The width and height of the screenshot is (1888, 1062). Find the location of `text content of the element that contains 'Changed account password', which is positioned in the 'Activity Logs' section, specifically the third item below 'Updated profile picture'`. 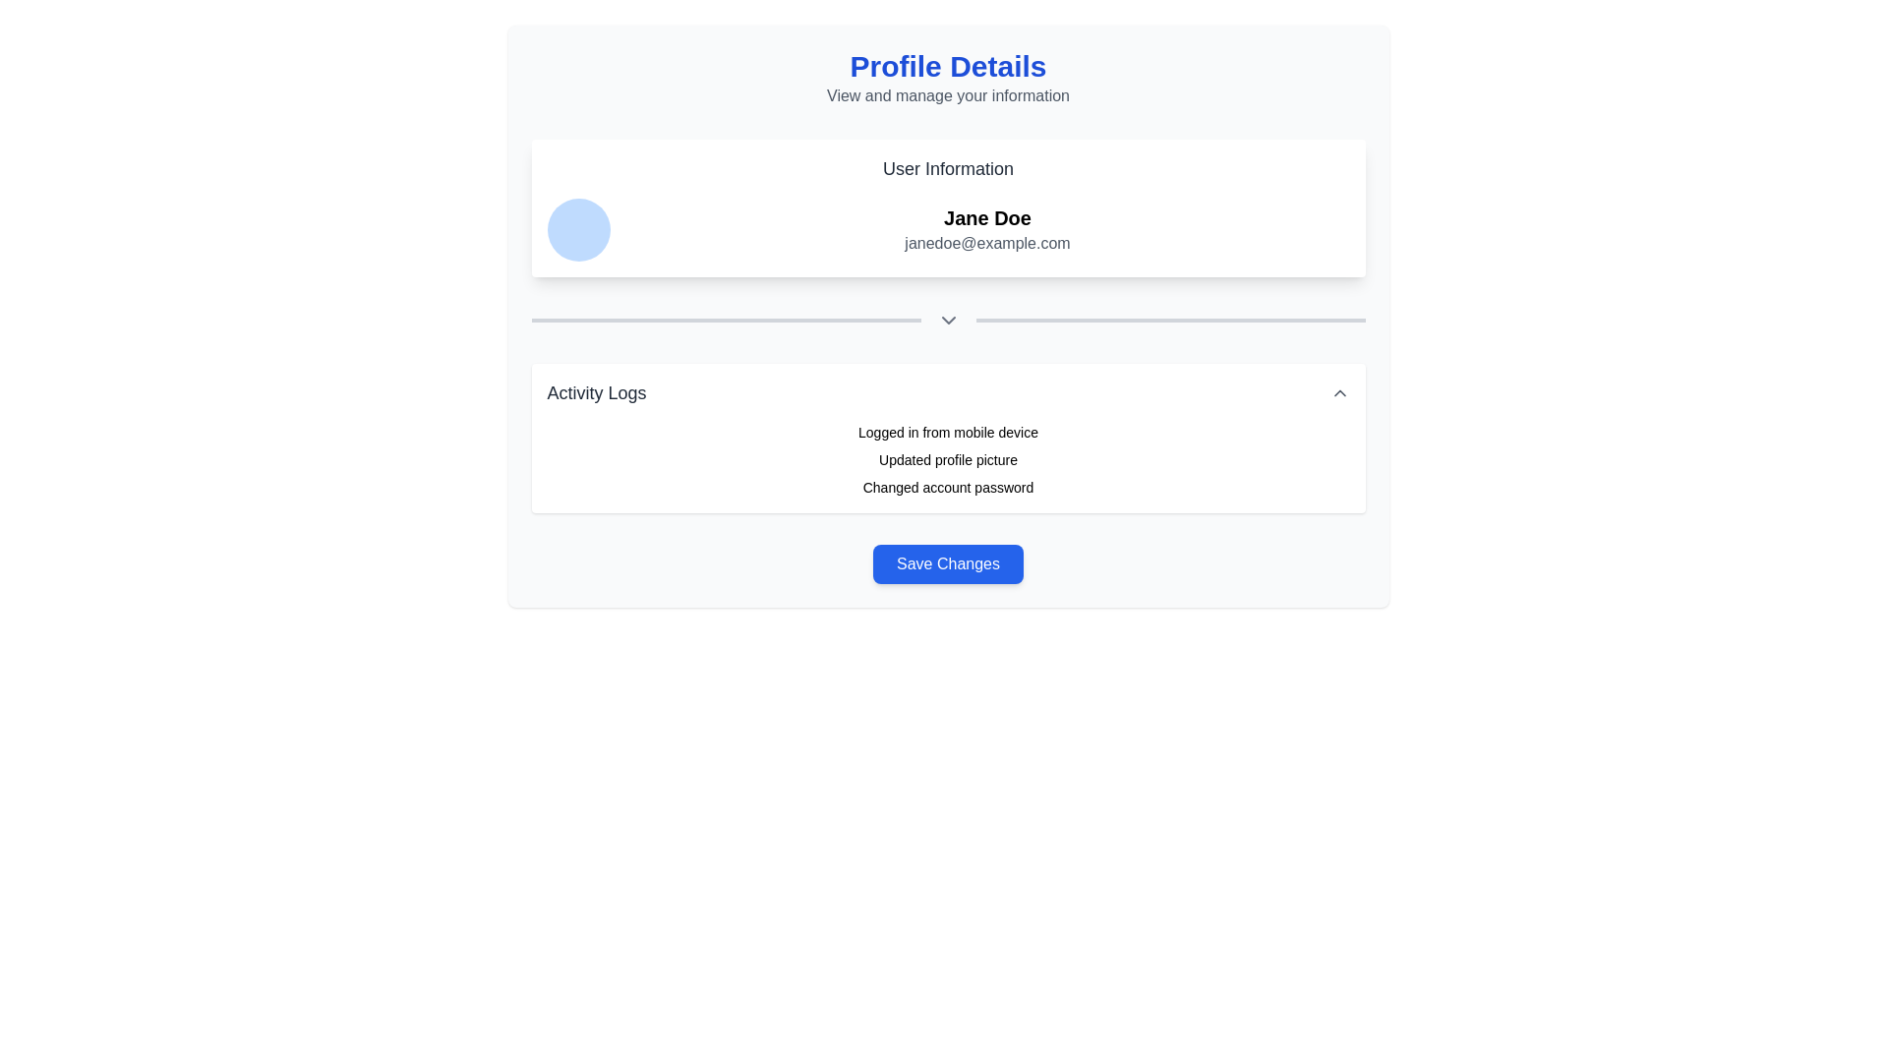

text content of the element that contains 'Changed account password', which is positioned in the 'Activity Logs' section, specifically the third item below 'Updated profile picture' is located at coordinates (948, 487).